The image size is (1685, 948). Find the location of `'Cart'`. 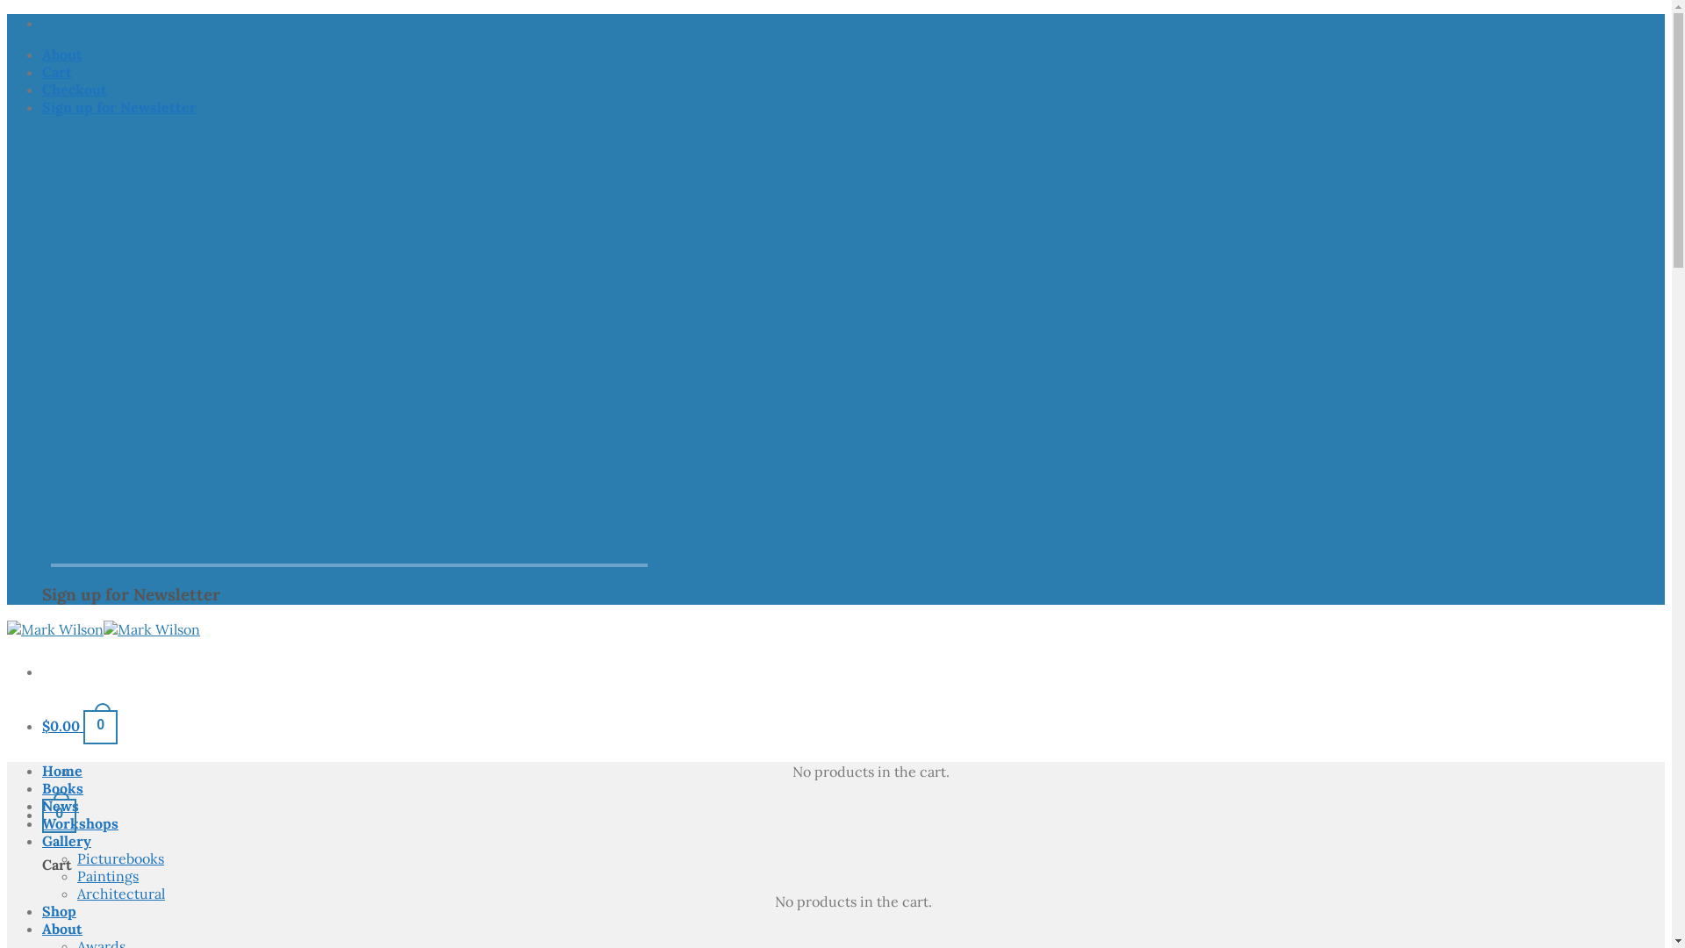

'Cart' is located at coordinates (57, 70).